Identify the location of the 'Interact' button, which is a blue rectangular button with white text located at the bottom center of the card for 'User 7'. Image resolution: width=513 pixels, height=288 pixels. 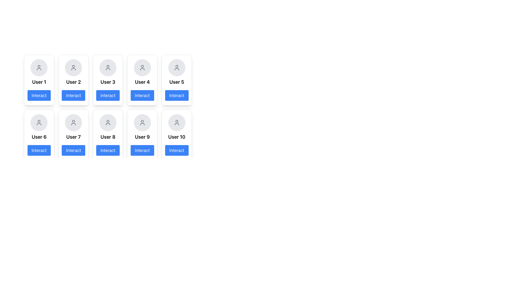
(73, 150).